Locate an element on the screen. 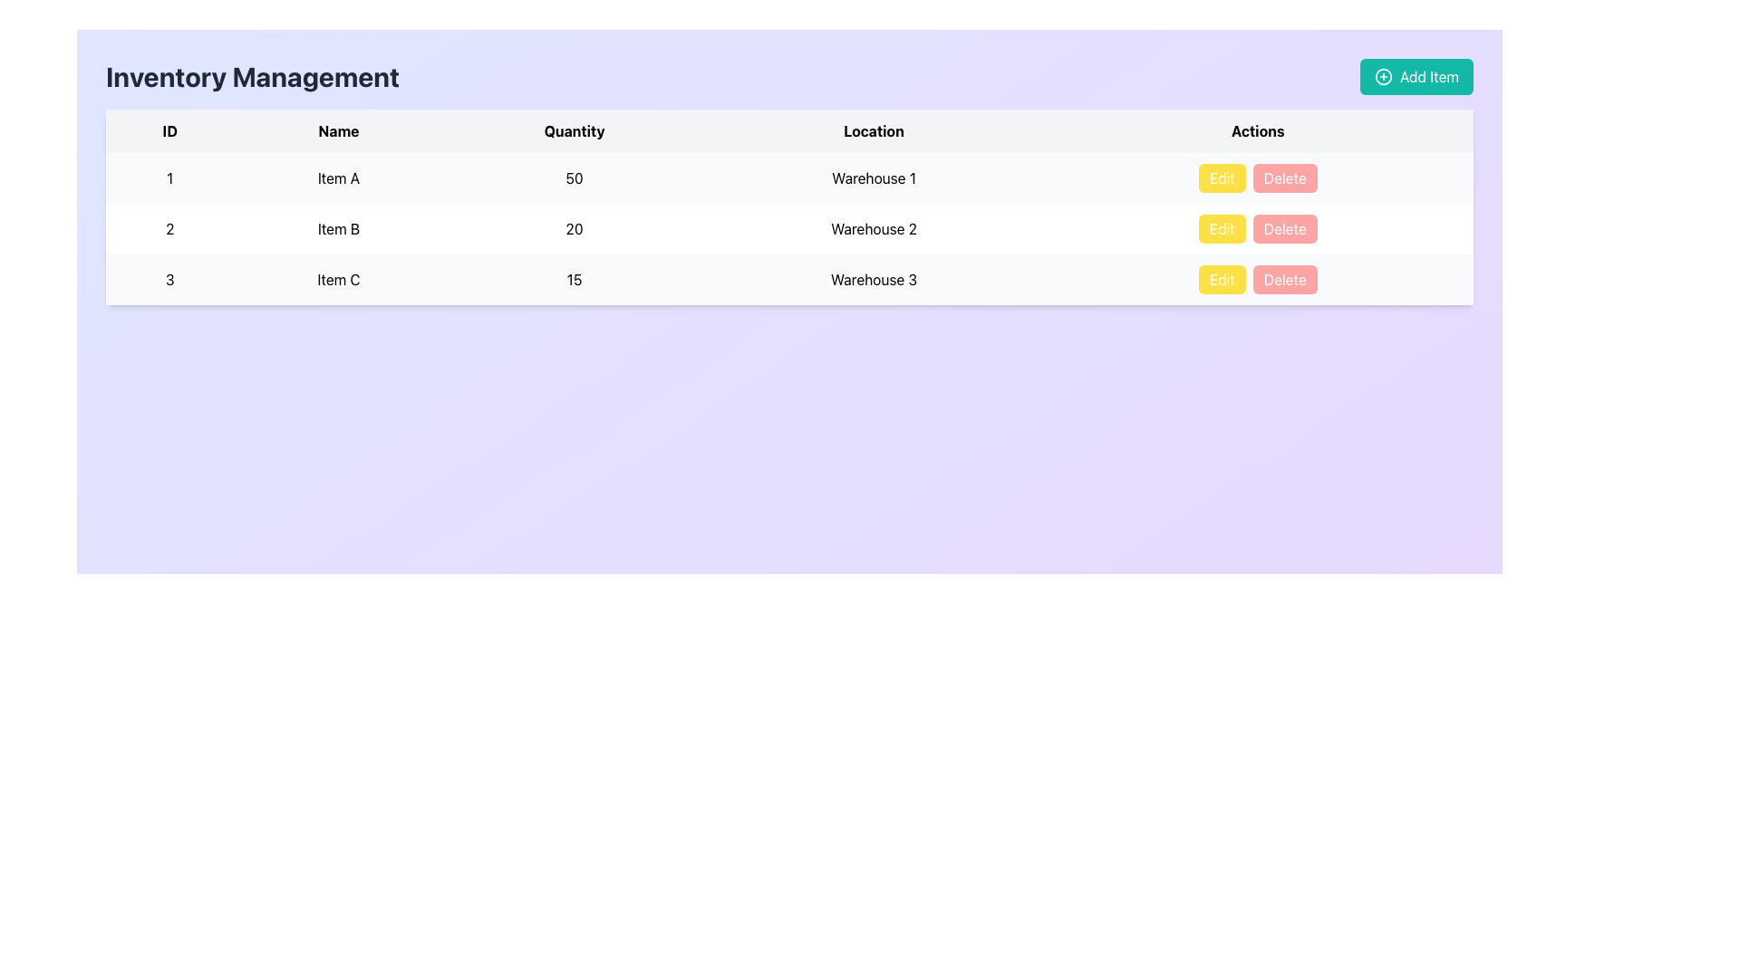 This screenshot has height=978, width=1740. the text label displaying the number '1', which is located is located at coordinates (169, 177).